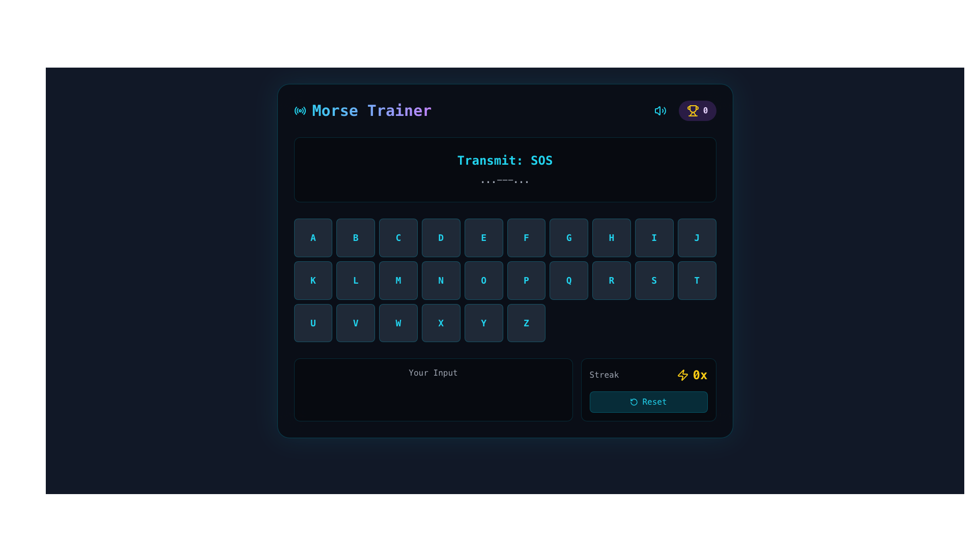  Describe the element at coordinates (483, 280) in the screenshot. I see `the square-shaped button displaying the letter 'O' in cyan text on a dark background to trigger hover effects` at that location.